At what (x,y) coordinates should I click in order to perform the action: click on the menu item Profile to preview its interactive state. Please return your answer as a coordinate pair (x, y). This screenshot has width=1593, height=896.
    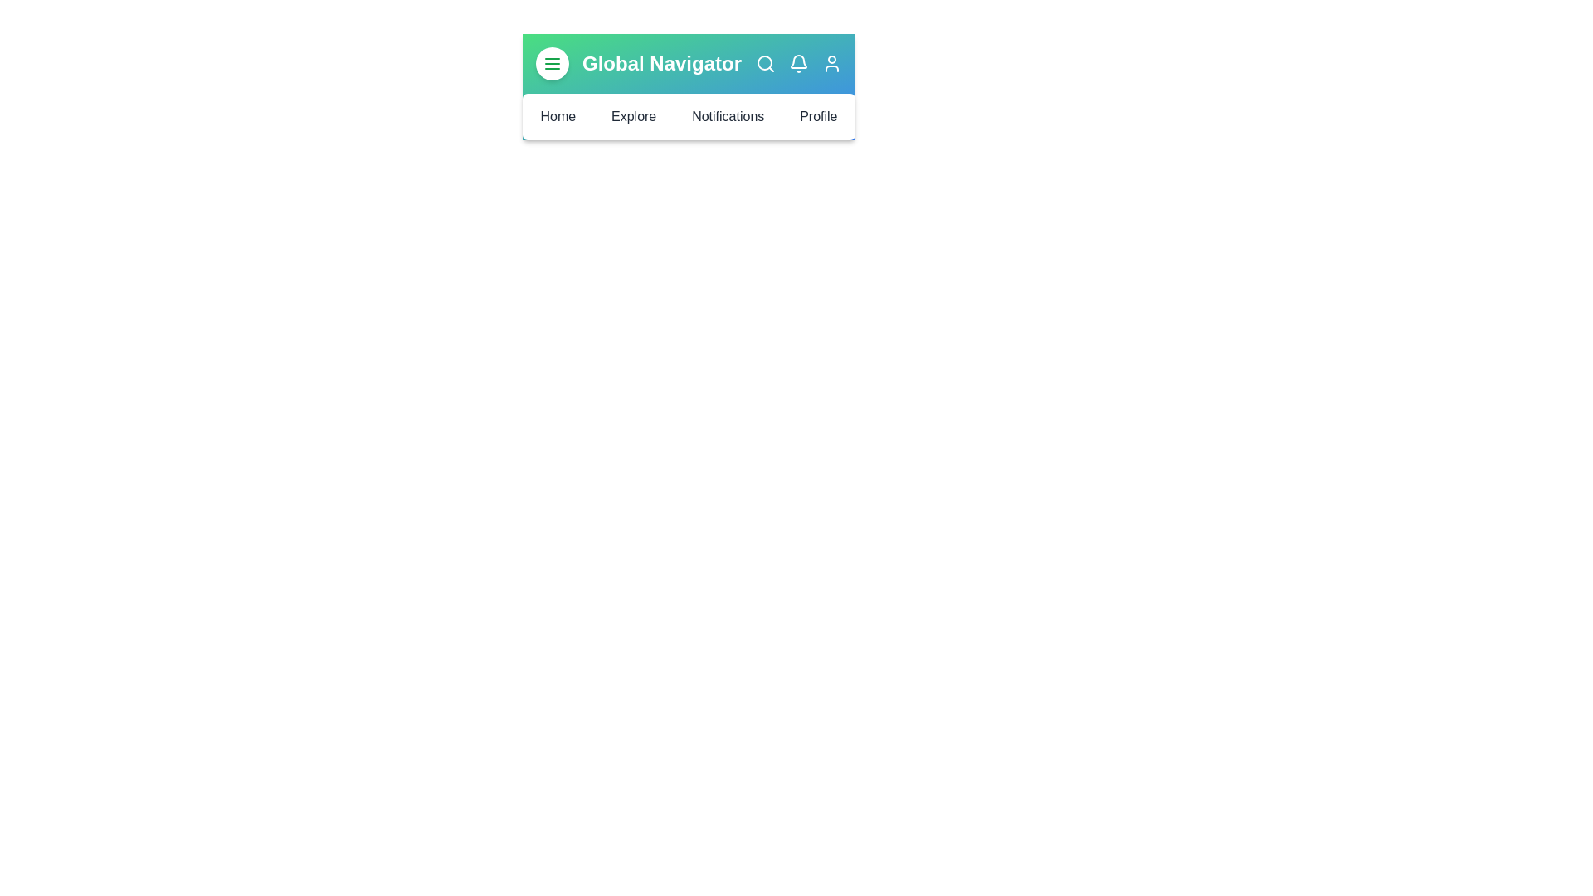
    Looking at the image, I should click on (819, 116).